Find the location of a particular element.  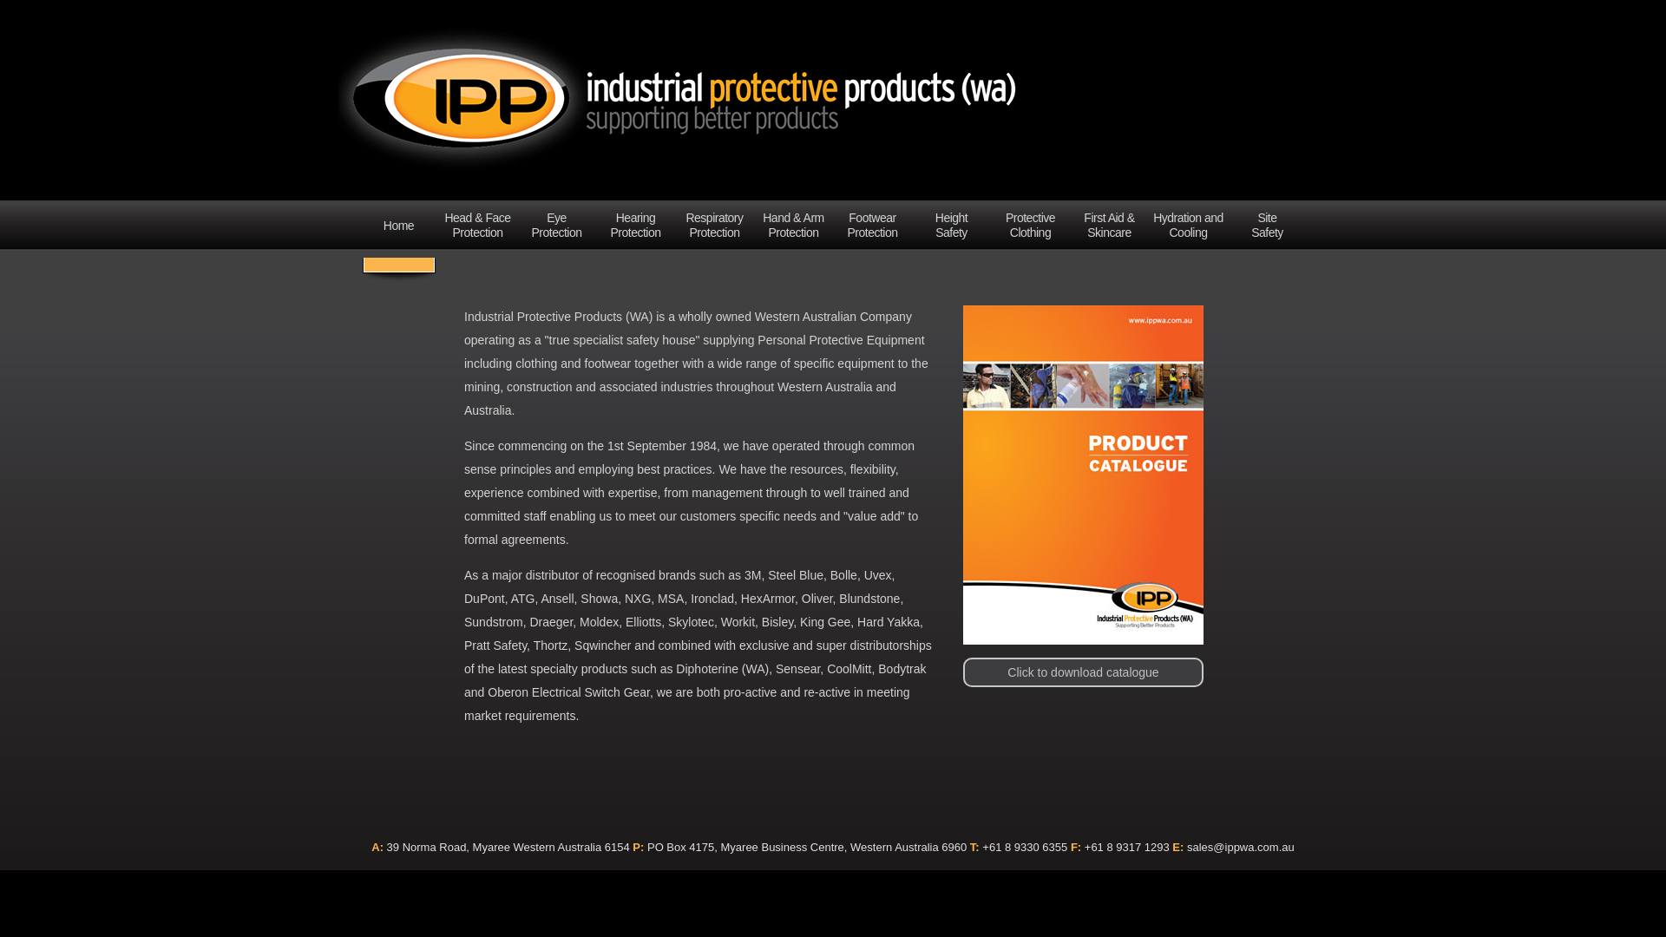

'Height is located at coordinates (932, 224).